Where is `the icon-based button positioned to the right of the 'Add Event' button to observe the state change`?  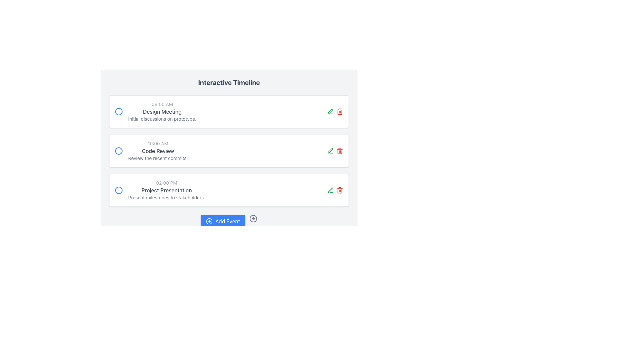 the icon-based button positioned to the right of the 'Add Event' button to observe the state change is located at coordinates (253, 218).